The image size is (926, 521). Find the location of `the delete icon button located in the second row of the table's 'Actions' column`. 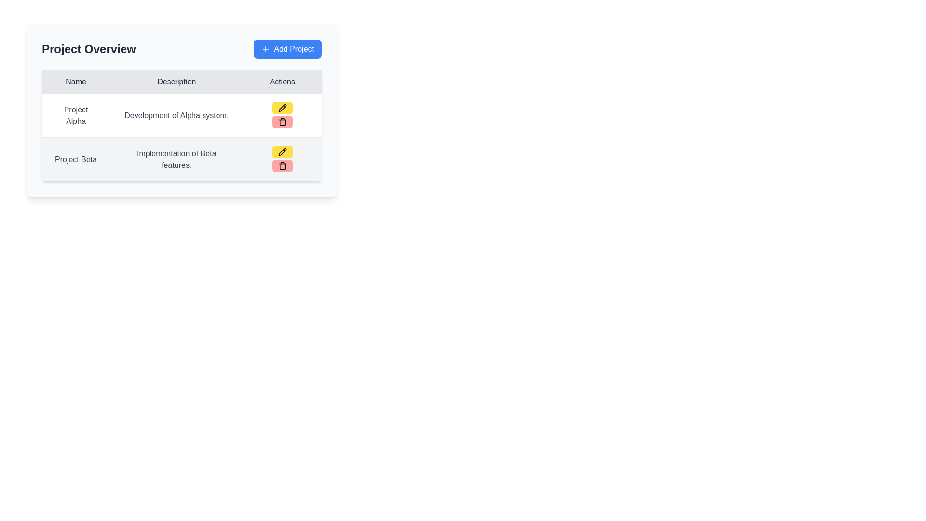

the delete icon button located in the second row of the table's 'Actions' column is located at coordinates (282, 122).